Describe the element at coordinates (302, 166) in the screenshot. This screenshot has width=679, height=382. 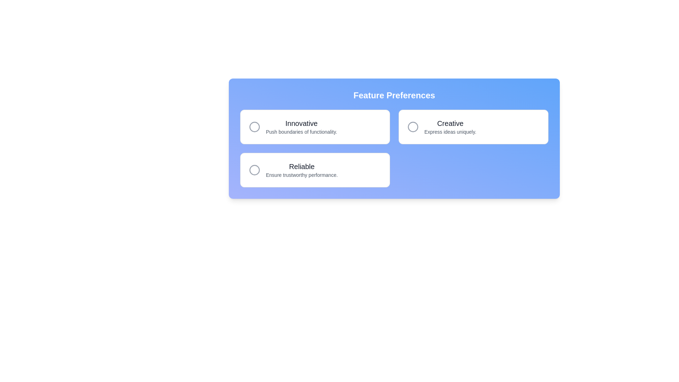
I see `the text label that serves as a title for the corresponding feature preference option, located in the bottom-left portion of the feature preference section, above the description 'Ensure trustworthy performance.'` at that location.